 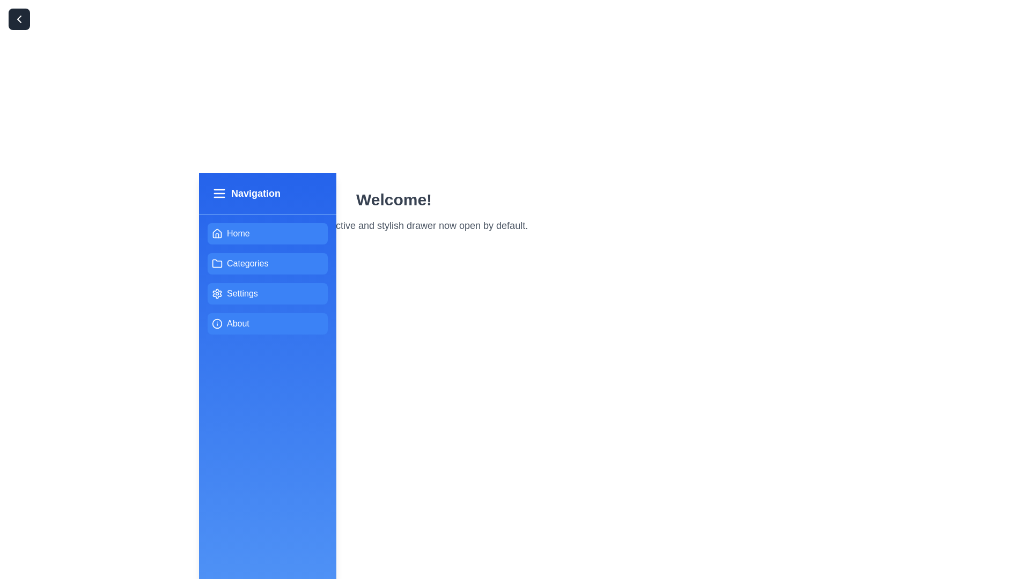 I want to click on the Text label that serves as a title or heading for the sidebar menu, located to the right of the menu icon resembling three horizontal lines, so click(x=255, y=194).